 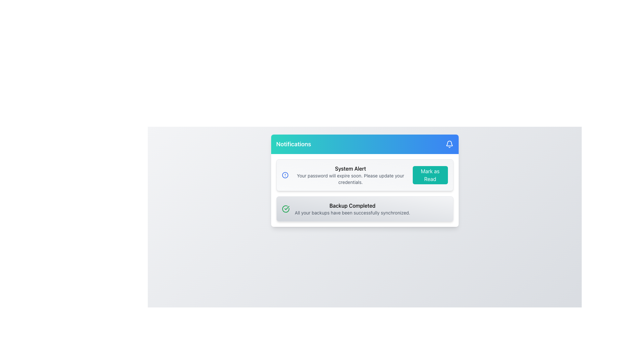 What do you see at coordinates (449, 143) in the screenshot?
I see `the blue bell-shaped notification icon located in the top-right corner of the notification card` at bounding box center [449, 143].